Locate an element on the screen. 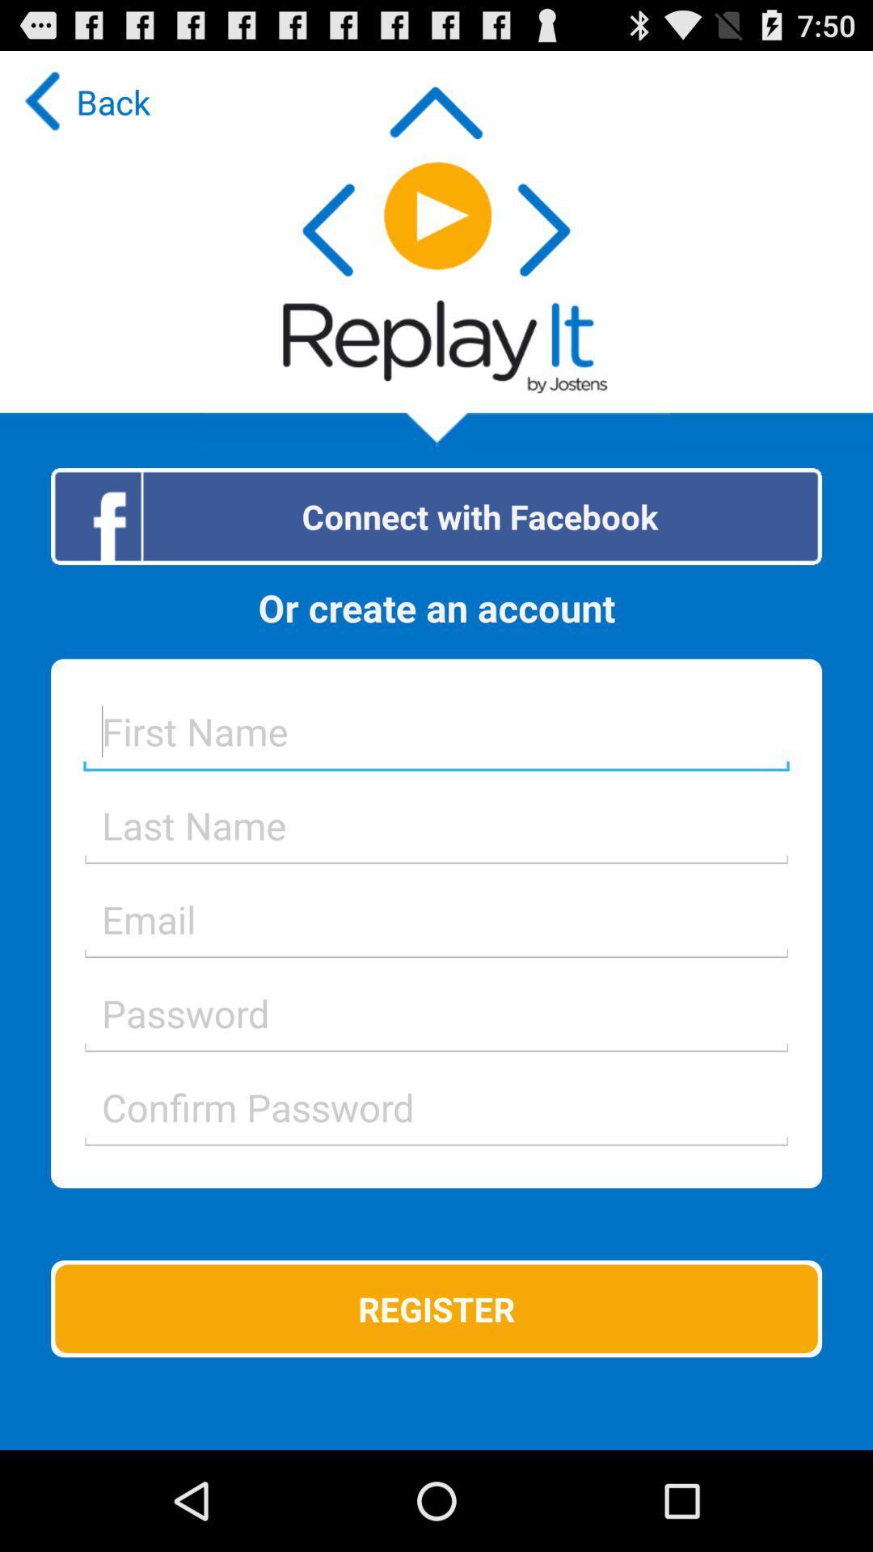 The width and height of the screenshot is (873, 1552). connect with facebook button is located at coordinates (436, 515).